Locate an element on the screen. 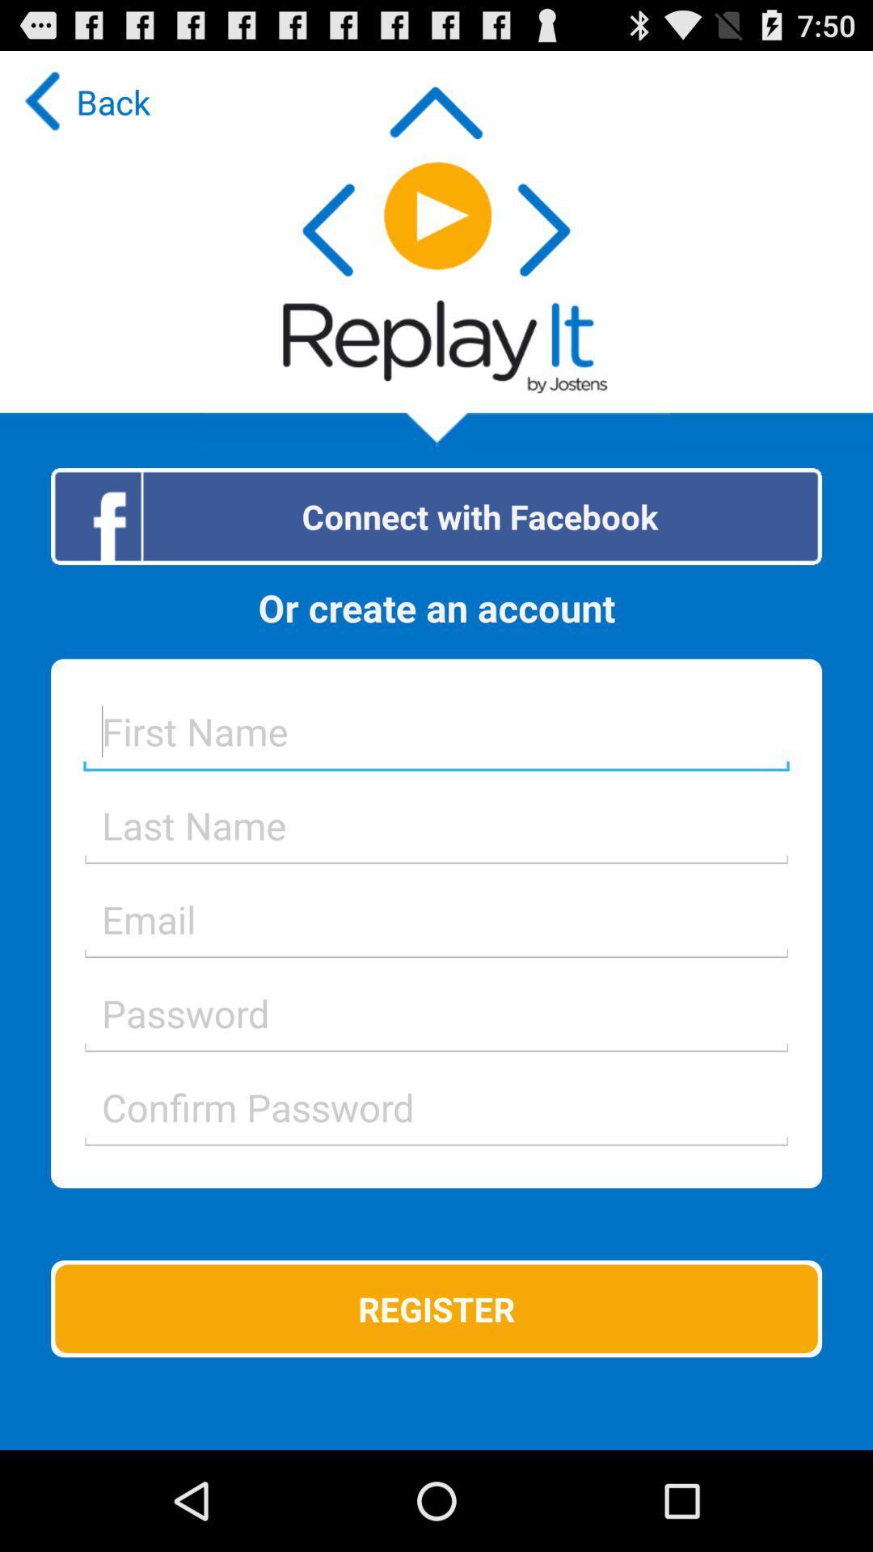 The width and height of the screenshot is (873, 1552). connect with facebook button is located at coordinates (436, 515).